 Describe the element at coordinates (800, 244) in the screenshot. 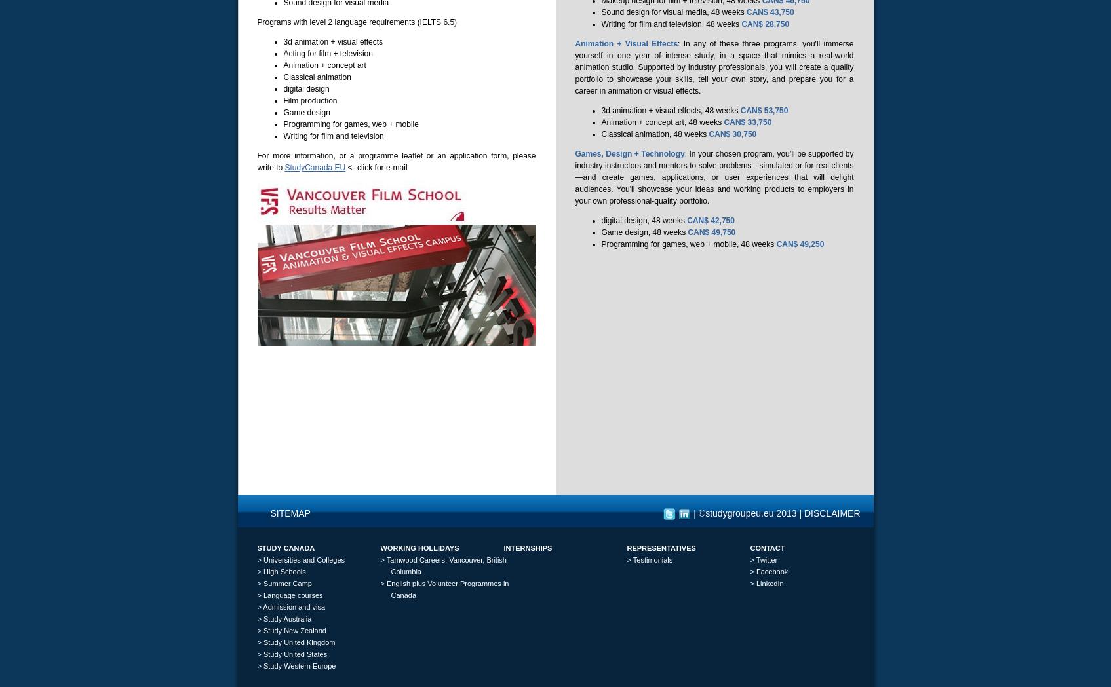

I see `'CAN$ 49,250'` at that location.